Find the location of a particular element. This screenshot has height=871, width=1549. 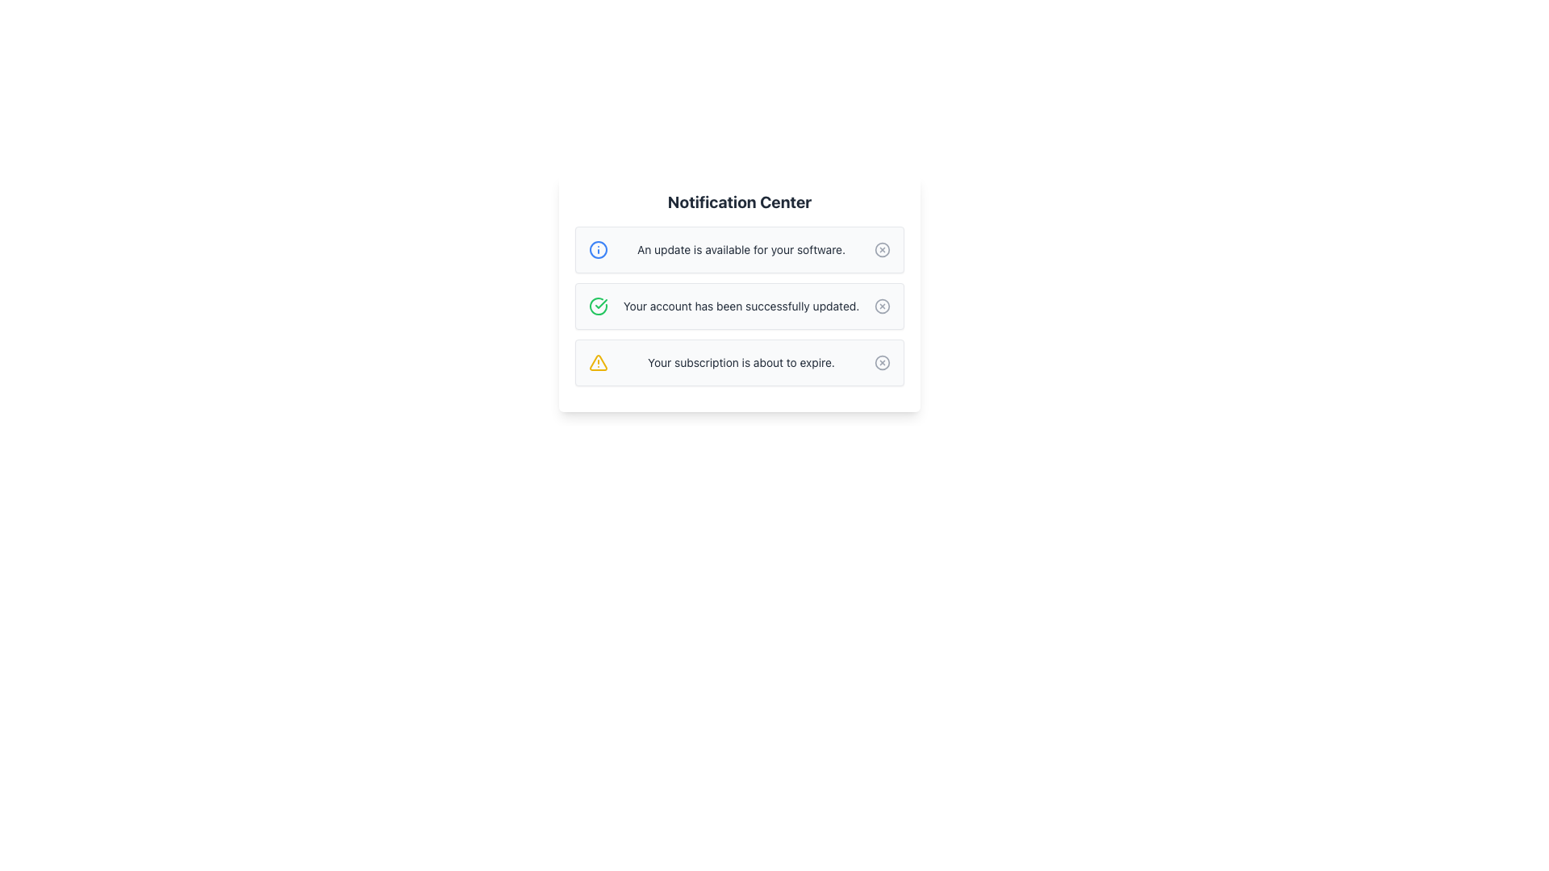

the circular graphical element located in the second row of the notification list, which indicates status or context is located at coordinates (882, 306).